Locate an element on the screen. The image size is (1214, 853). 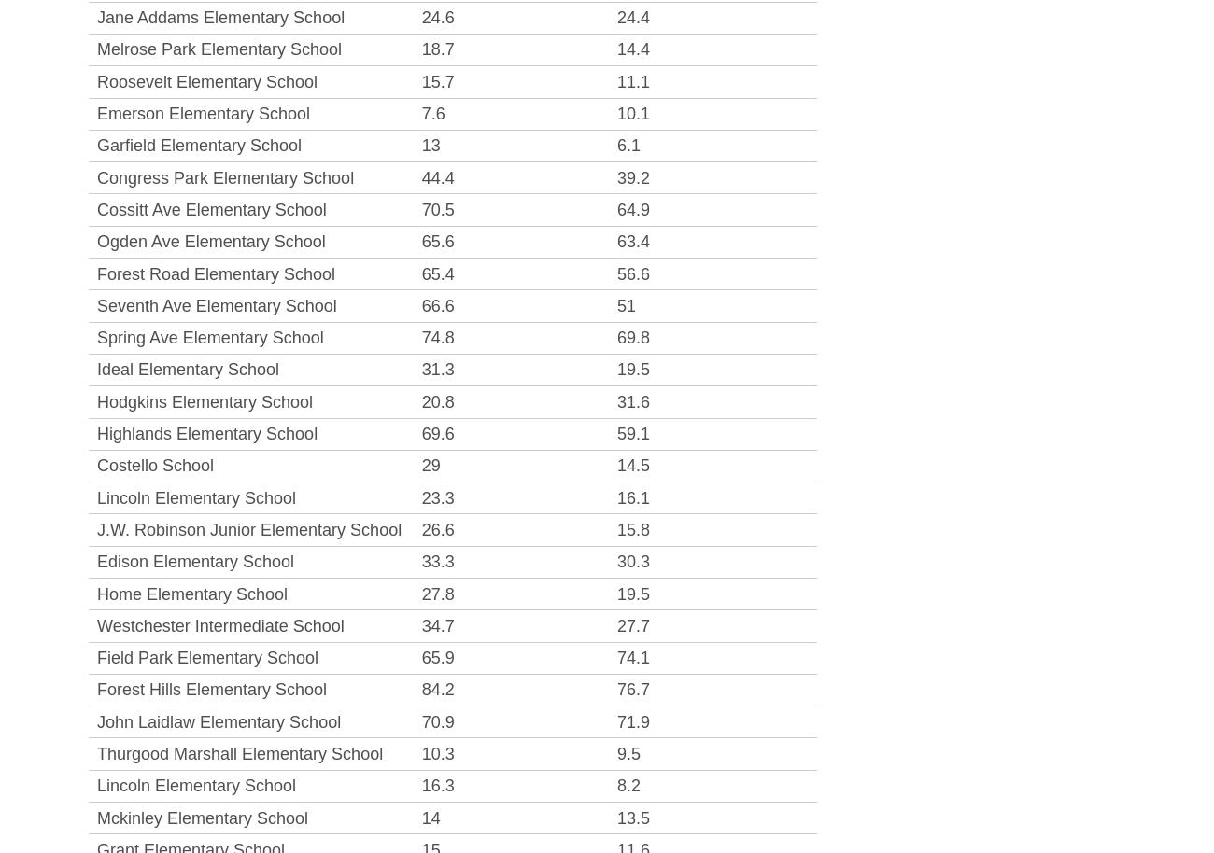
'64.9' is located at coordinates (632, 209).